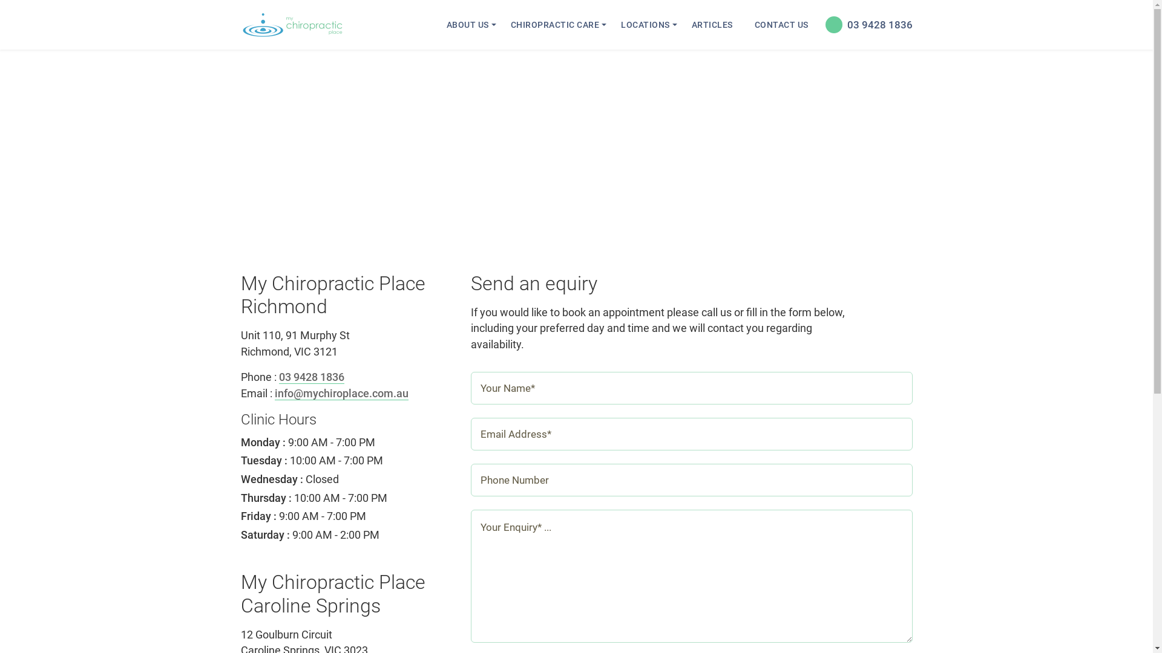 The height and width of the screenshot is (653, 1162). What do you see at coordinates (645, 25) in the screenshot?
I see `'LOCATIONS'` at bounding box center [645, 25].